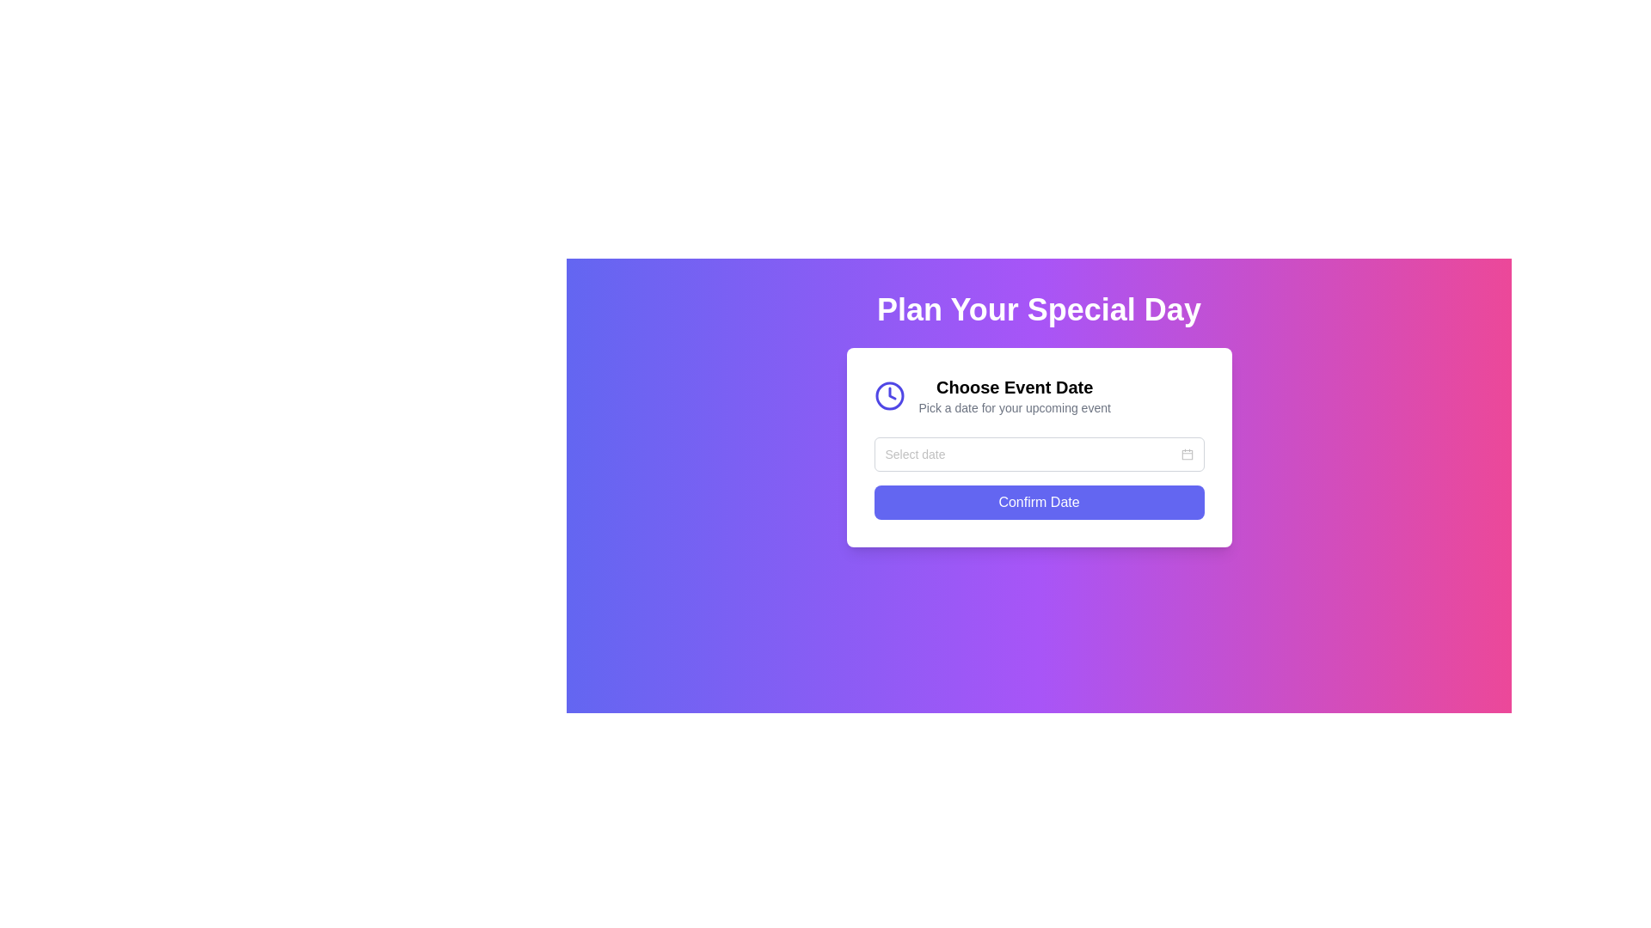  What do you see at coordinates (889, 396) in the screenshot?
I see `the decorative icon located at the top-left corner of the 'Choose Event Date' widget, which emphasizes the time-related context of the widget` at bounding box center [889, 396].